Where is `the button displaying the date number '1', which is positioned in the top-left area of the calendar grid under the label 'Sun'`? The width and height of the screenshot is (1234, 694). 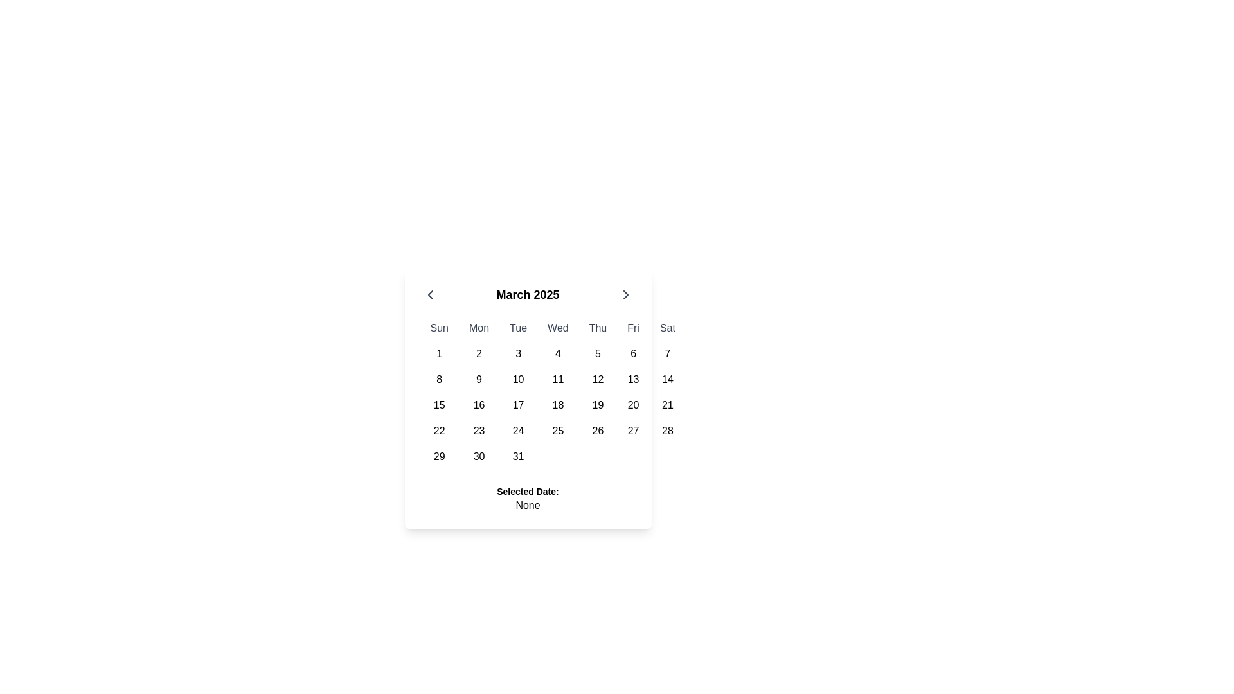
the button displaying the date number '1', which is positioned in the top-left area of the calendar grid under the label 'Sun' is located at coordinates (439, 354).